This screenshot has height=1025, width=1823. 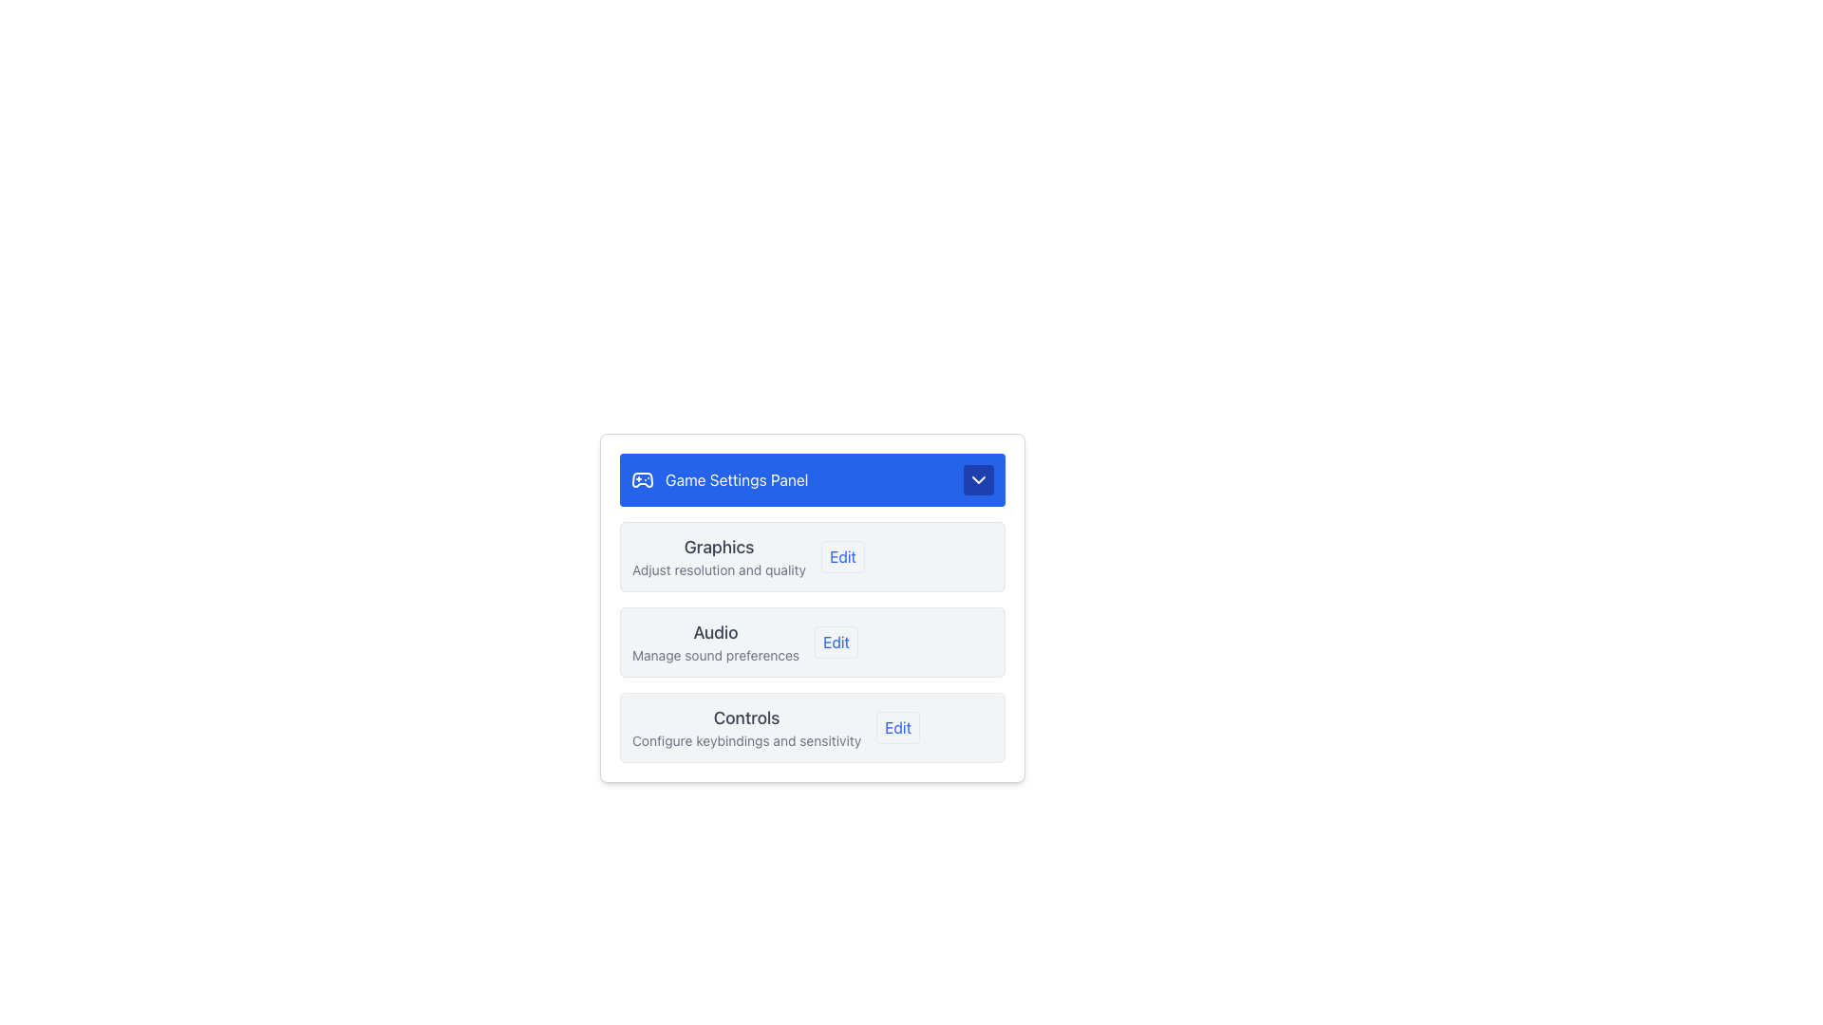 What do you see at coordinates (979, 478) in the screenshot?
I see `the small rectangular button with a blue background and a white chevron-down icon, located on the rightmost side of the 'Game Settings Panel' header, to observe visual changes` at bounding box center [979, 478].